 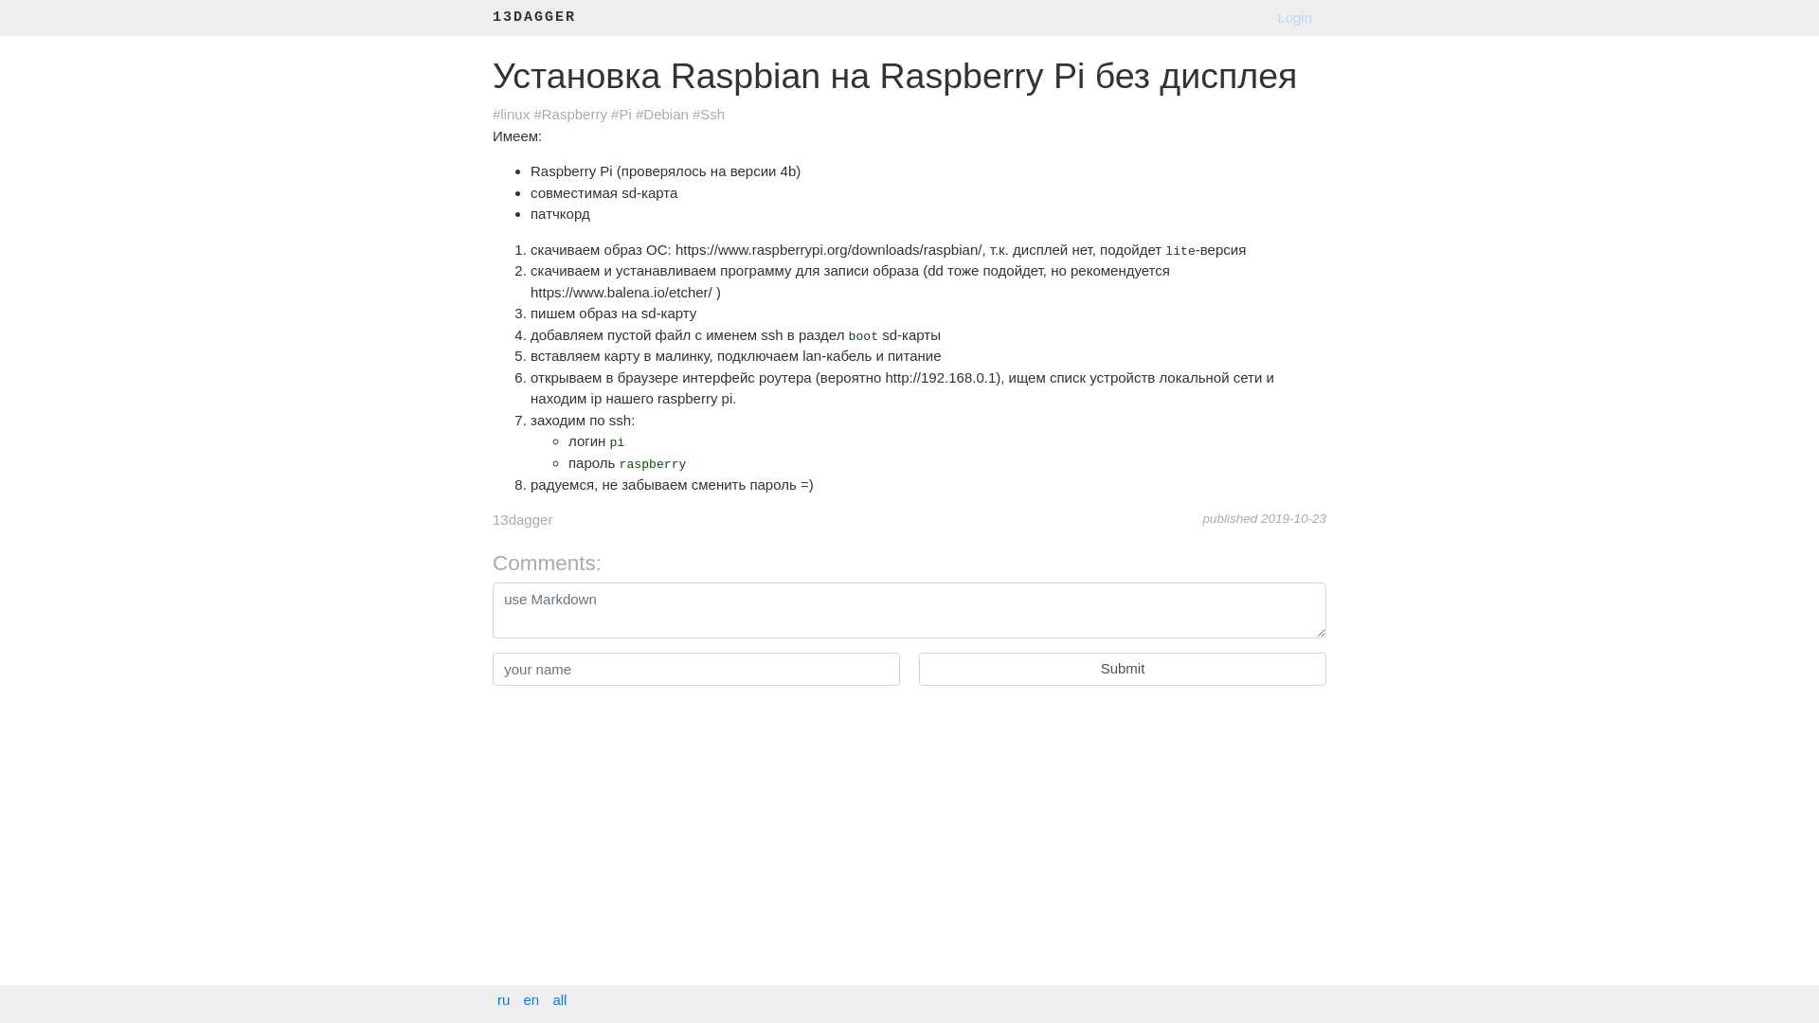 I want to click on 'all', so click(x=558, y=999).